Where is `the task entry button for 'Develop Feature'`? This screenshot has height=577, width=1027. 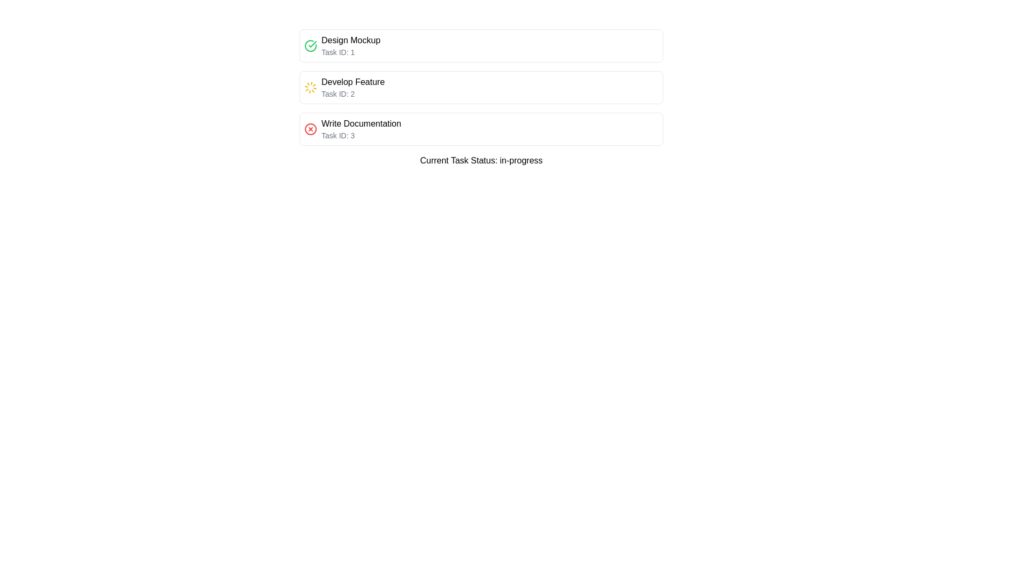
the task entry button for 'Develop Feature' is located at coordinates (481, 87).